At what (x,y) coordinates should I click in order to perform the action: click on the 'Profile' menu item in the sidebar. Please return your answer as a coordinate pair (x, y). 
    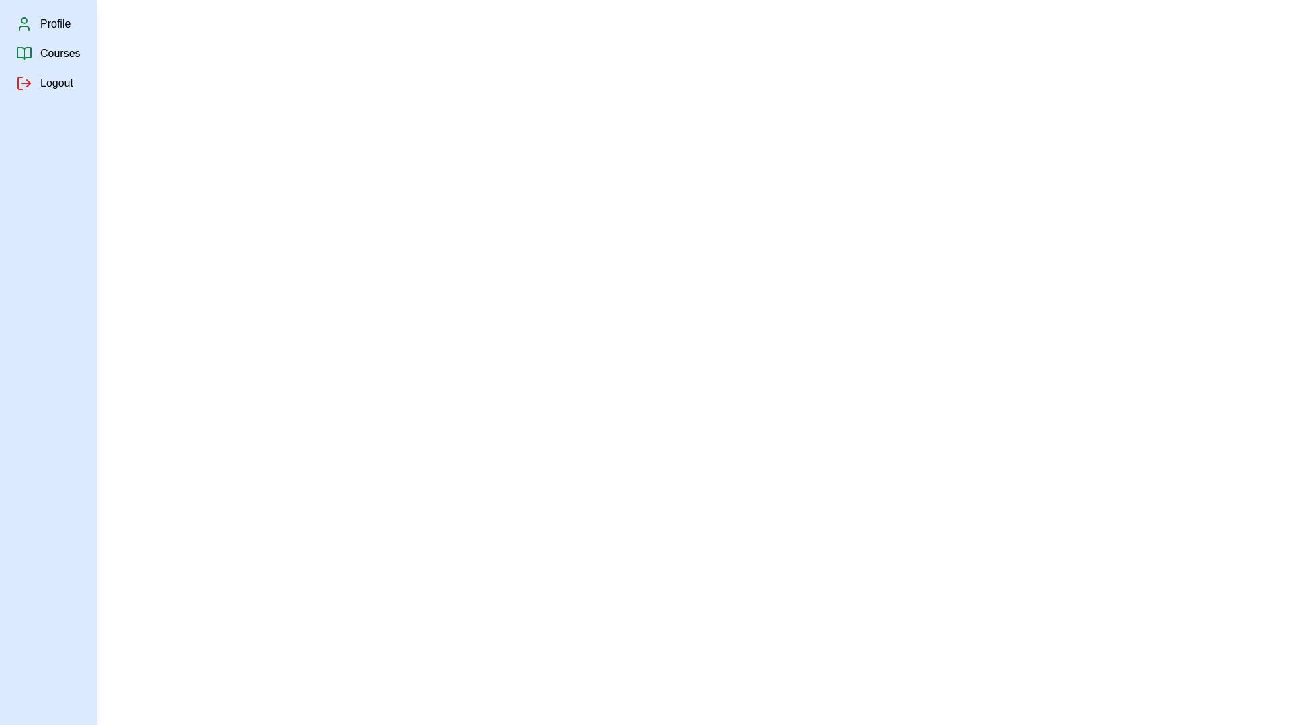
    Looking at the image, I should click on (54, 23).